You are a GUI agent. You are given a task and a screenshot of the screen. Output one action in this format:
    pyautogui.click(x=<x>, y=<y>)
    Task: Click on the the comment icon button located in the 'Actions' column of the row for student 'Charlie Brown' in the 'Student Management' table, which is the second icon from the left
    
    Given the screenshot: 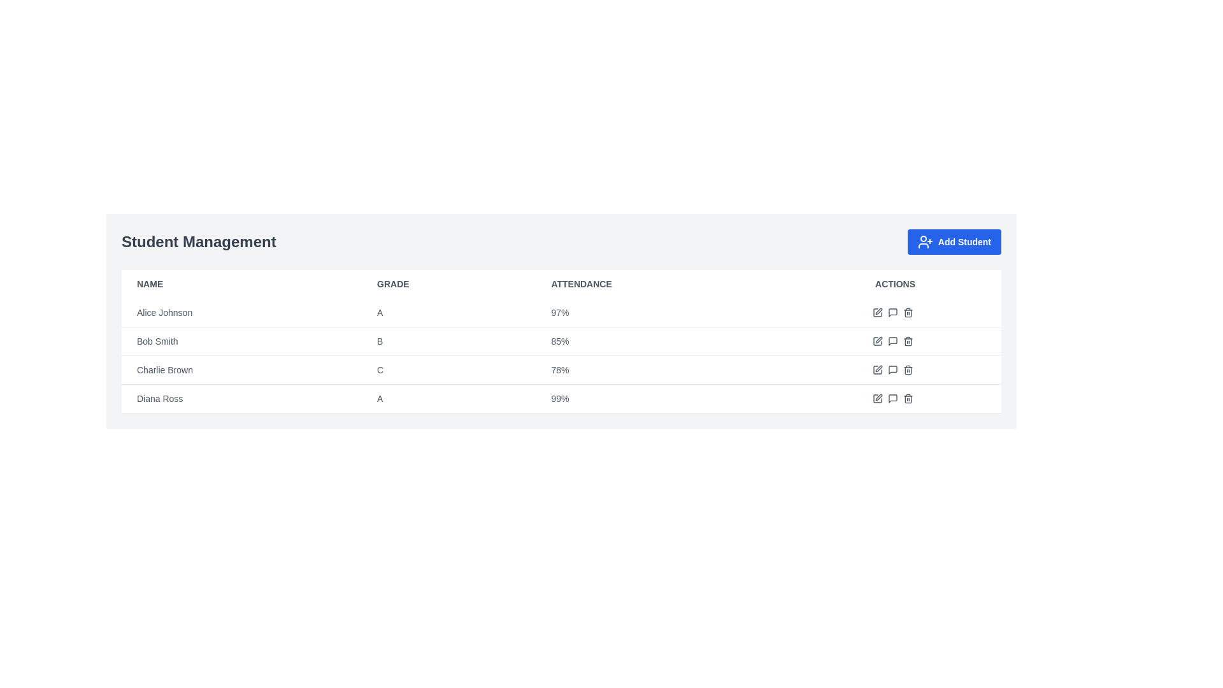 What is the action you would take?
    pyautogui.click(x=892, y=370)
    